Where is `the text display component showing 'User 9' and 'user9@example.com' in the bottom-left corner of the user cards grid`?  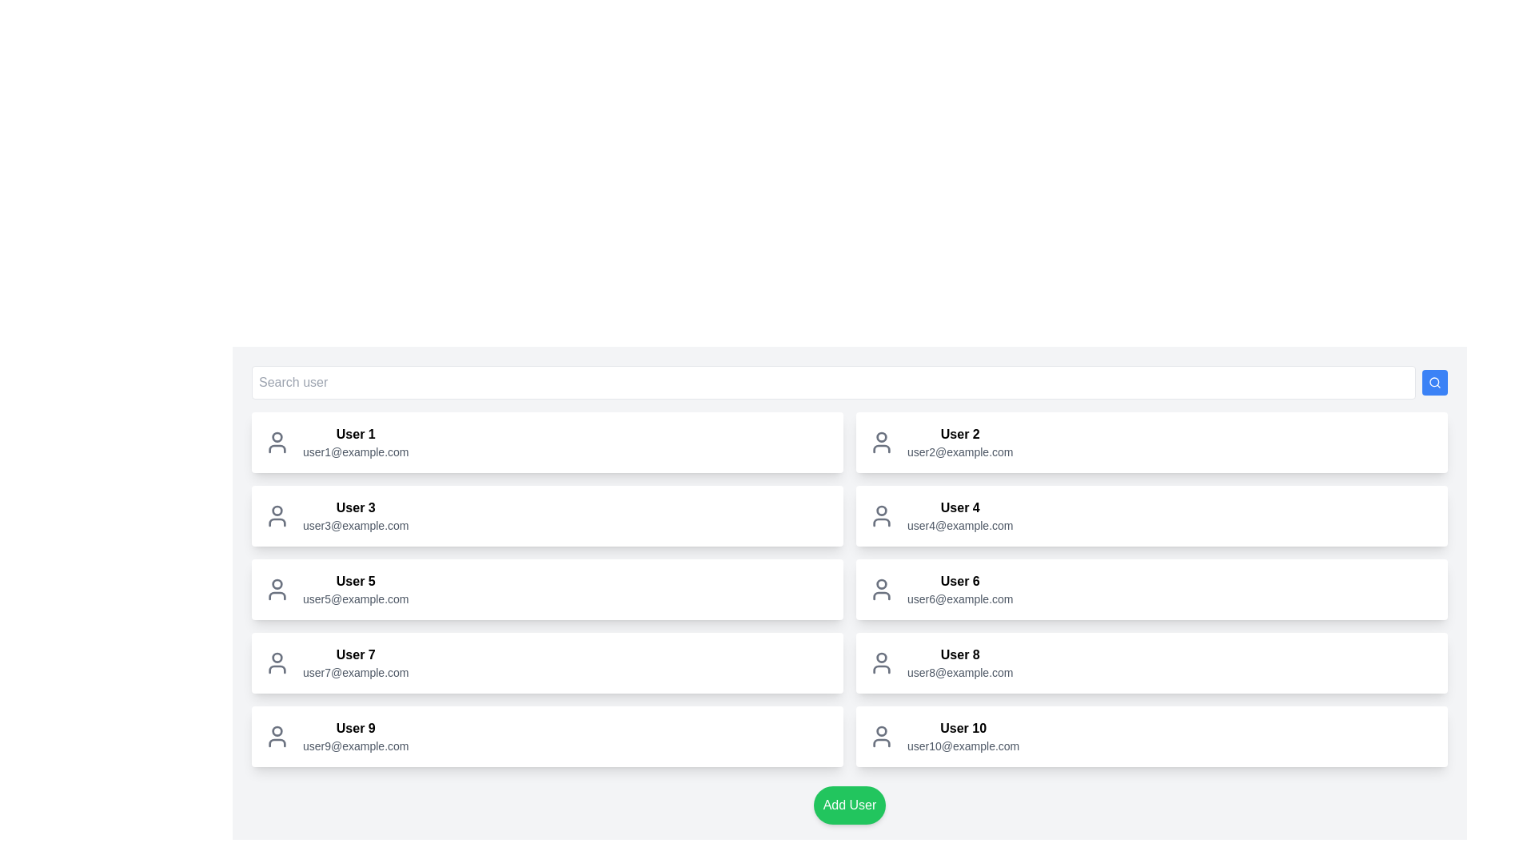 the text display component showing 'User 9' and 'user9@example.com' in the bottom-left corner of the user cards grid is located at coordinates (355, 736).